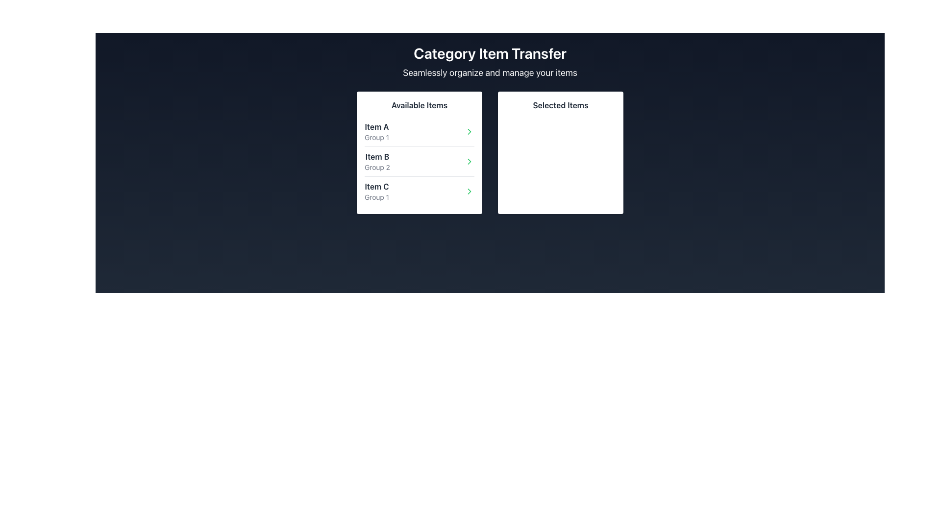 This screenshot has width=941, height=529. Describe the element at coordinates (376, 197) in the screenshot. I see `the text label 'Group 1' located beneath 'Item C' in the 'Available Items' section of the 'Category Item Transfer' interface` at that location.